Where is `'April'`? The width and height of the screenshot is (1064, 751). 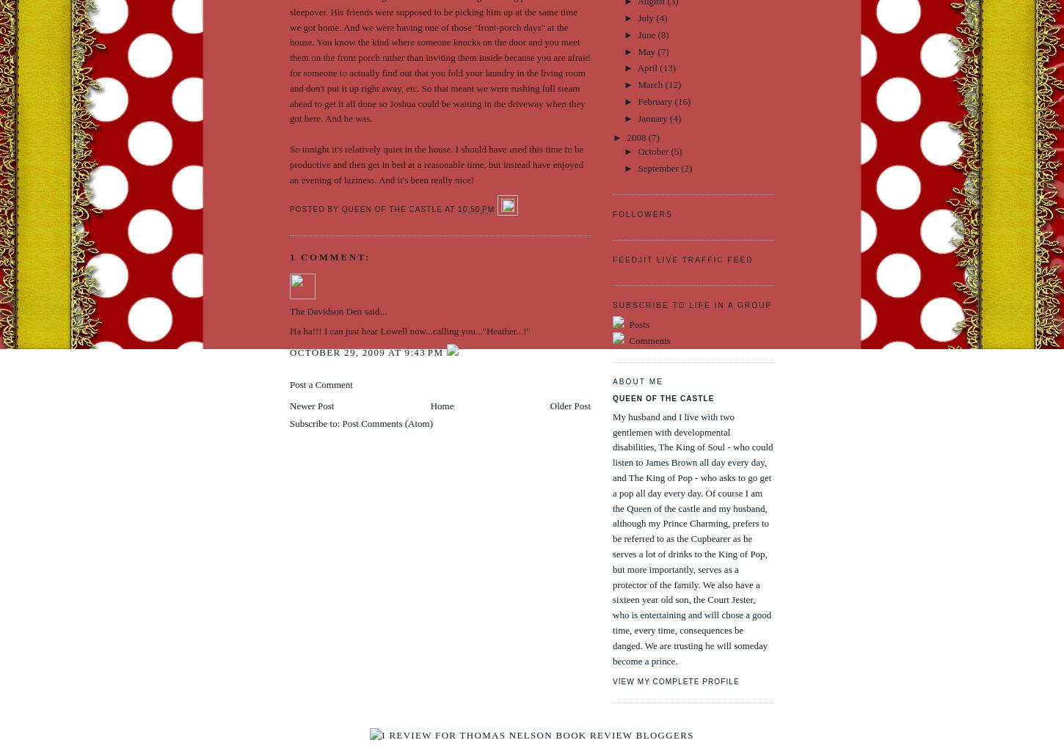 'April' is located at coordinates (647, 67).